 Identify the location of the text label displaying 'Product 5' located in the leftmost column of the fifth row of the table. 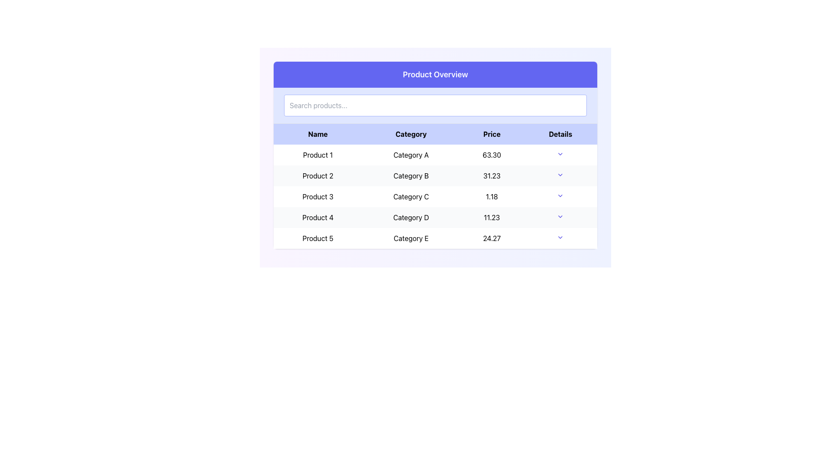
(318, 238).